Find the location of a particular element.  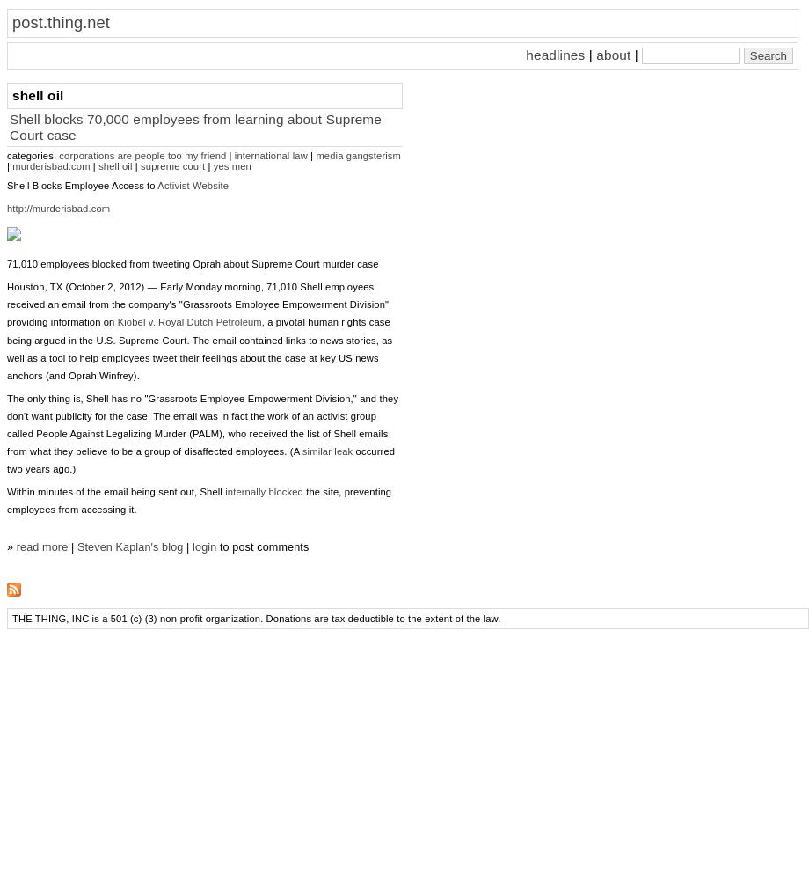

'Activist Website' is located at coordinates (192, 185).